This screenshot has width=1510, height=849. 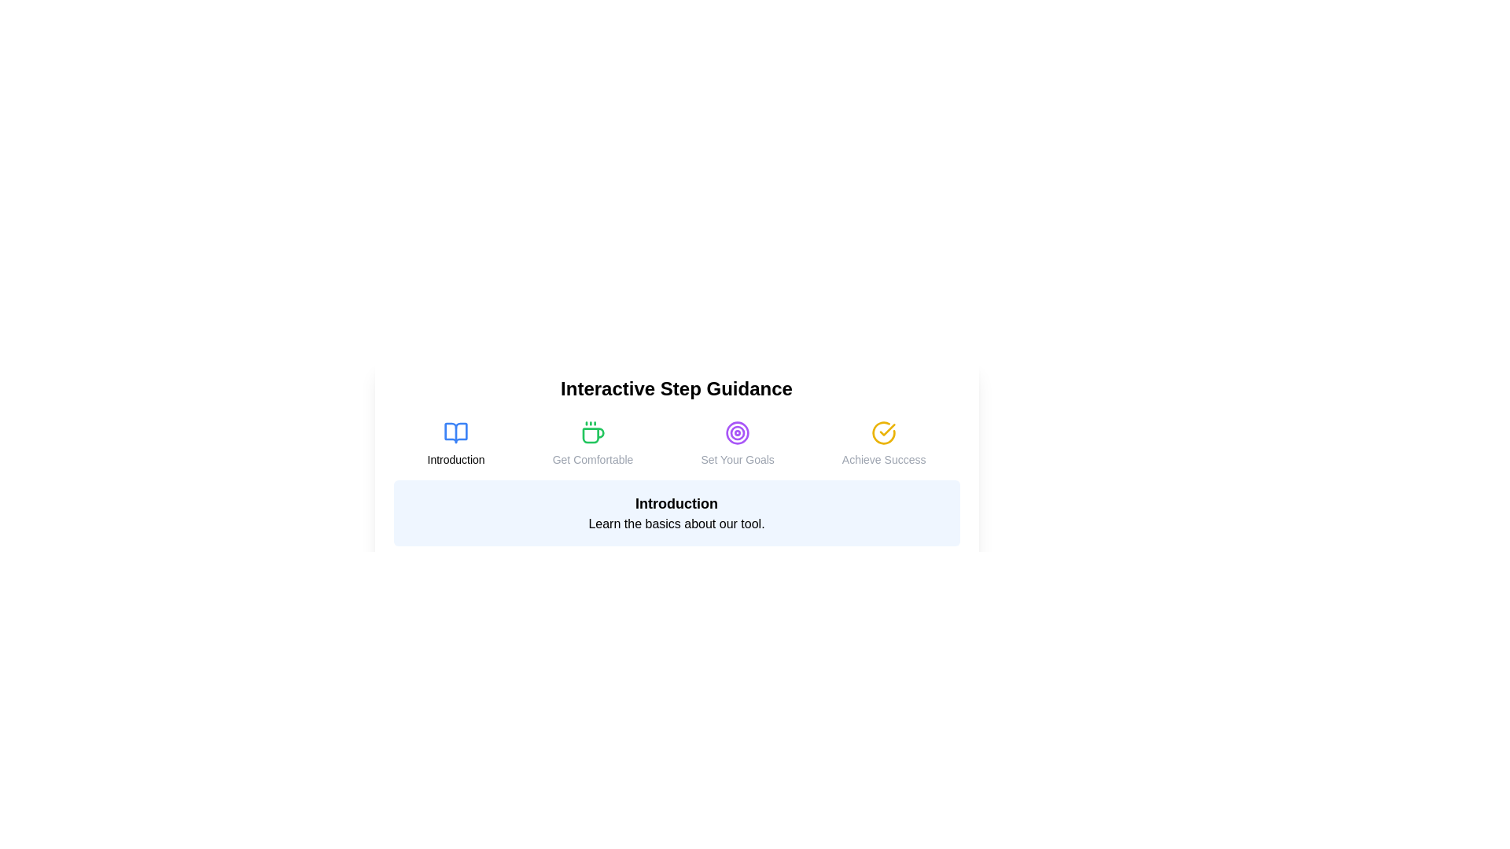 I want to click on the outermost SVG circle of the target icon, which symbolizes precision or selection, so click(x=737, y=433).